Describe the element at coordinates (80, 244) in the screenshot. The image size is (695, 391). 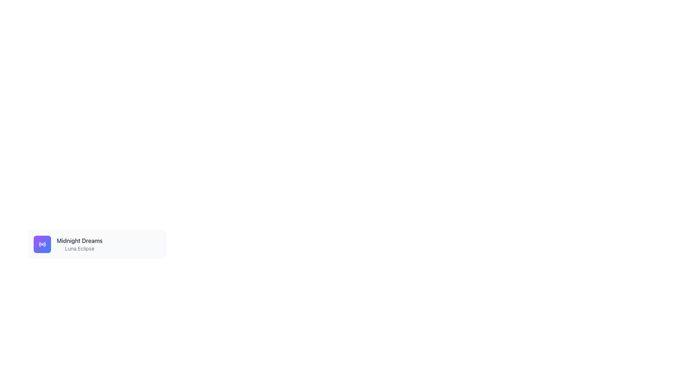
I see `the text block containing 'Midnight Dreams' and 'Luna Eclipse', which is located to the right of an icon with a purple-to-blue gradient background` at that location.